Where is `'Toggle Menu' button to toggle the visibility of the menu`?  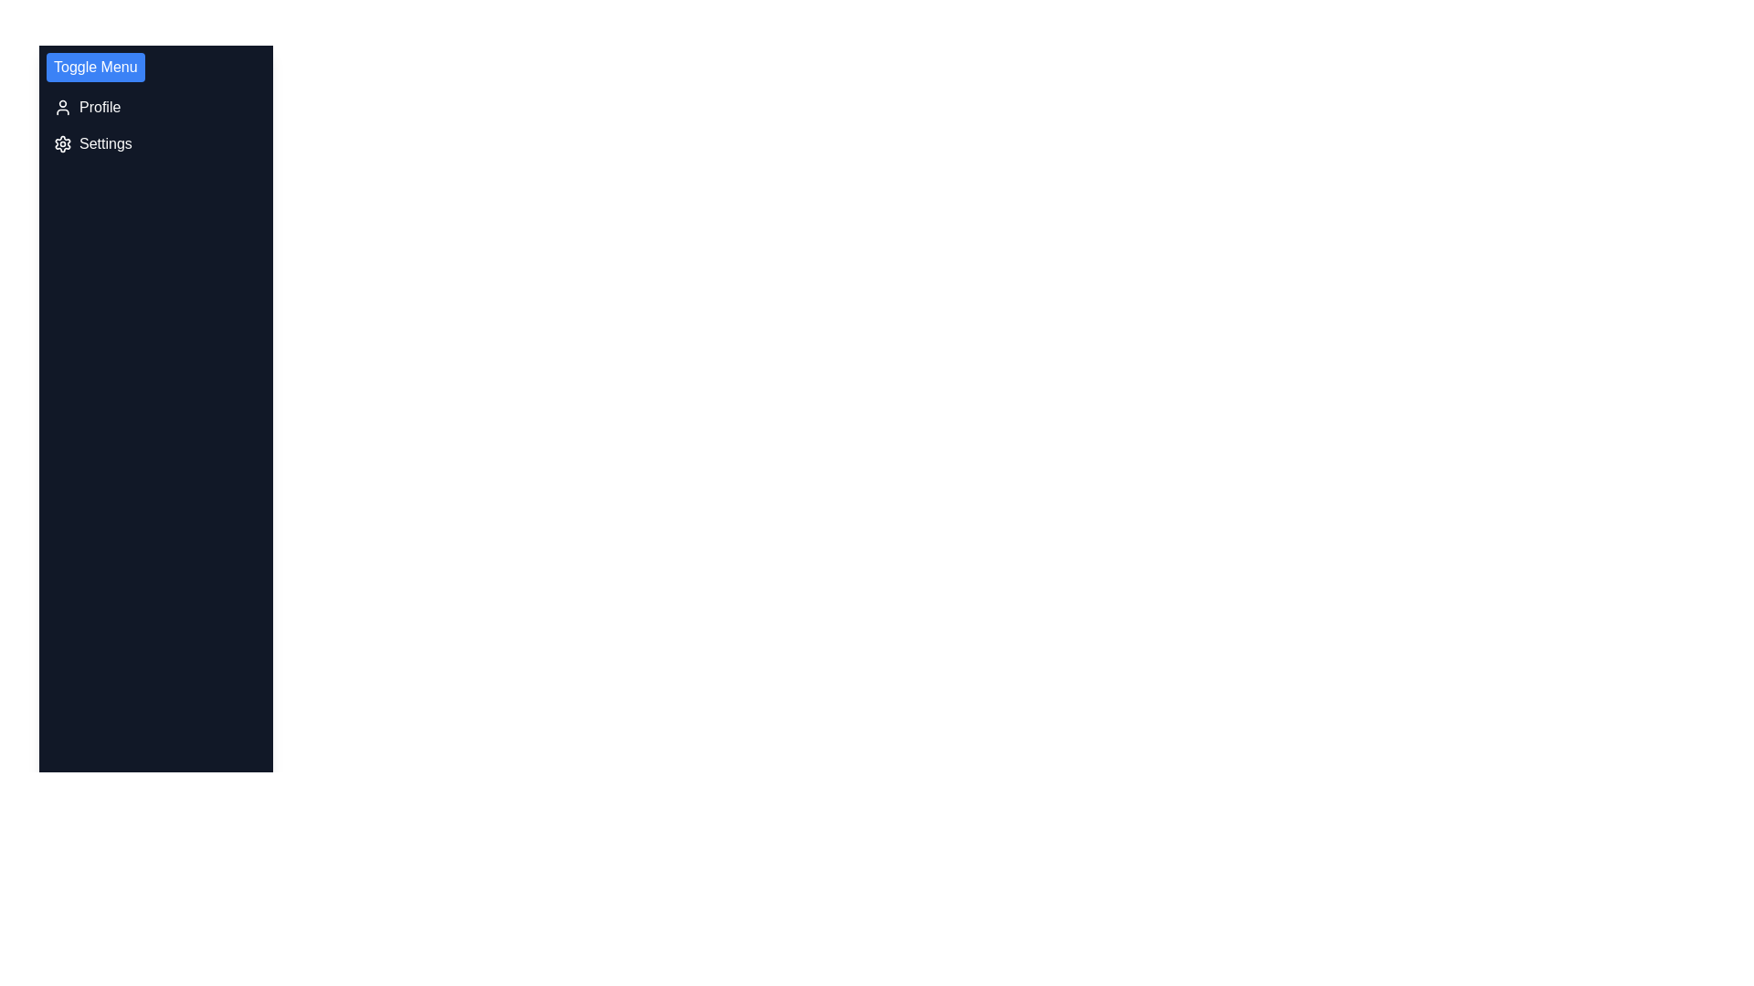
'Toggle Menu' button to toggle the visibility of the menu is located at coordinates (94, 66).